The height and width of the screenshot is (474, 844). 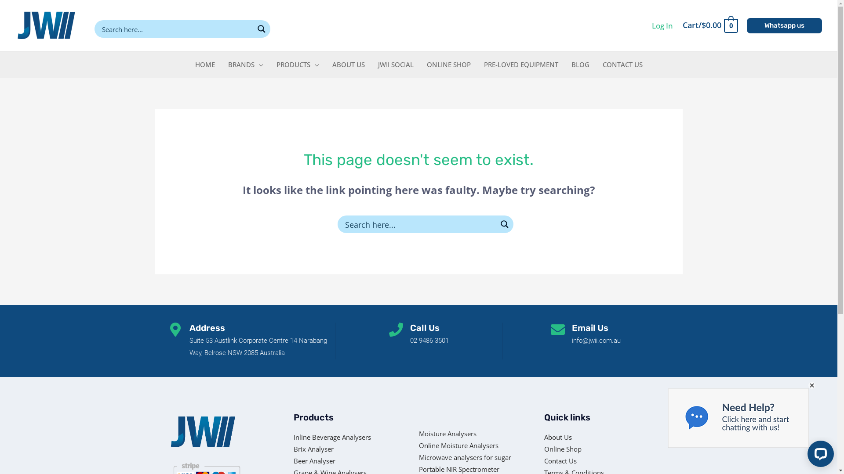 I want to click on 'Online Moisture Analysers', so click(x=473, y=445).